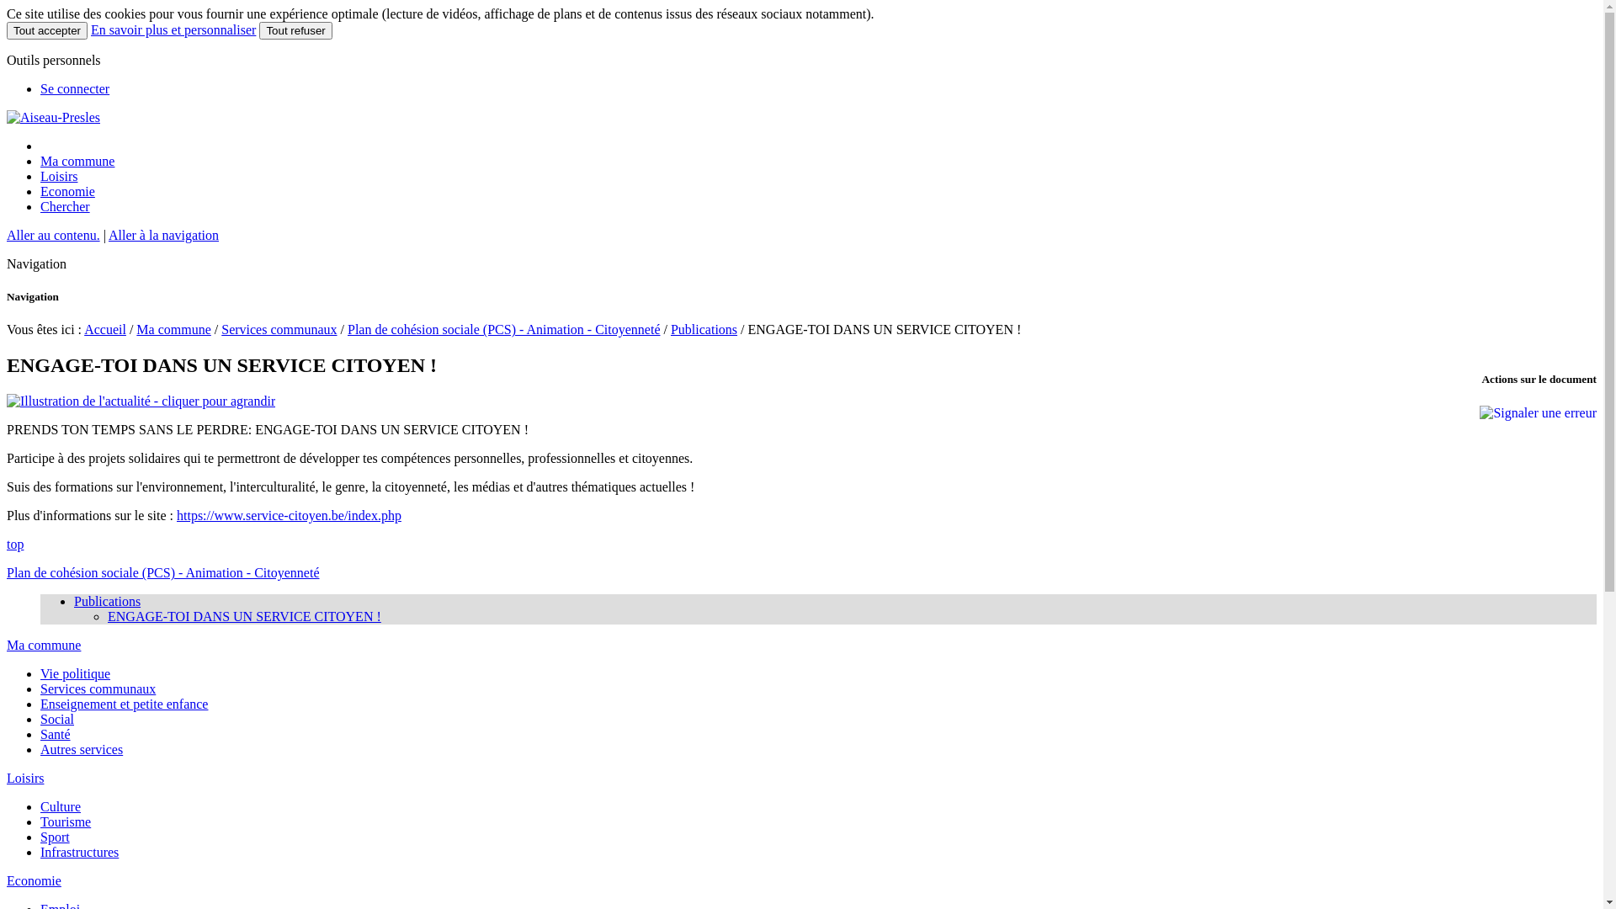 This screenshot has height=909, width=1616. What do you see at coordinates (289, 514) in the screenshot?
I see `'https://www.service-citoyen.be/index.php'` at bounding box center [289, 514].